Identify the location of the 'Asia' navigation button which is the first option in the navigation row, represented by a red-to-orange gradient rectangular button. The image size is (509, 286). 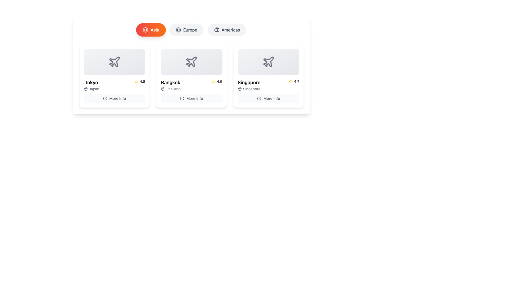
(155, 30).